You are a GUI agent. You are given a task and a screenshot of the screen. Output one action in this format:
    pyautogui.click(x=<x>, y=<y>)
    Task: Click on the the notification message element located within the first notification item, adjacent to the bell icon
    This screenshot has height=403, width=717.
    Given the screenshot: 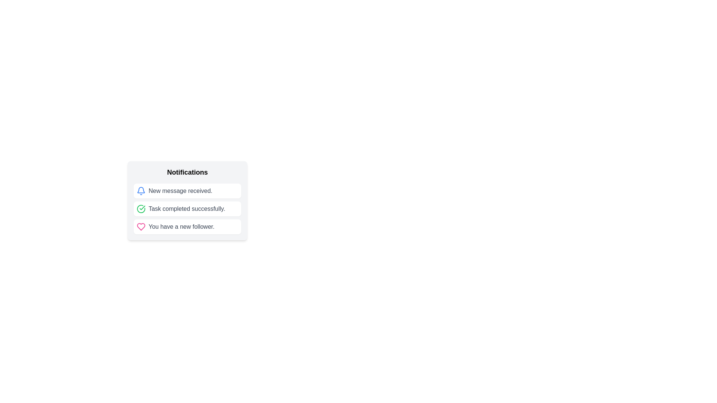 What is the action you would take?
    pyautogui.click(x=180, y=191)
    